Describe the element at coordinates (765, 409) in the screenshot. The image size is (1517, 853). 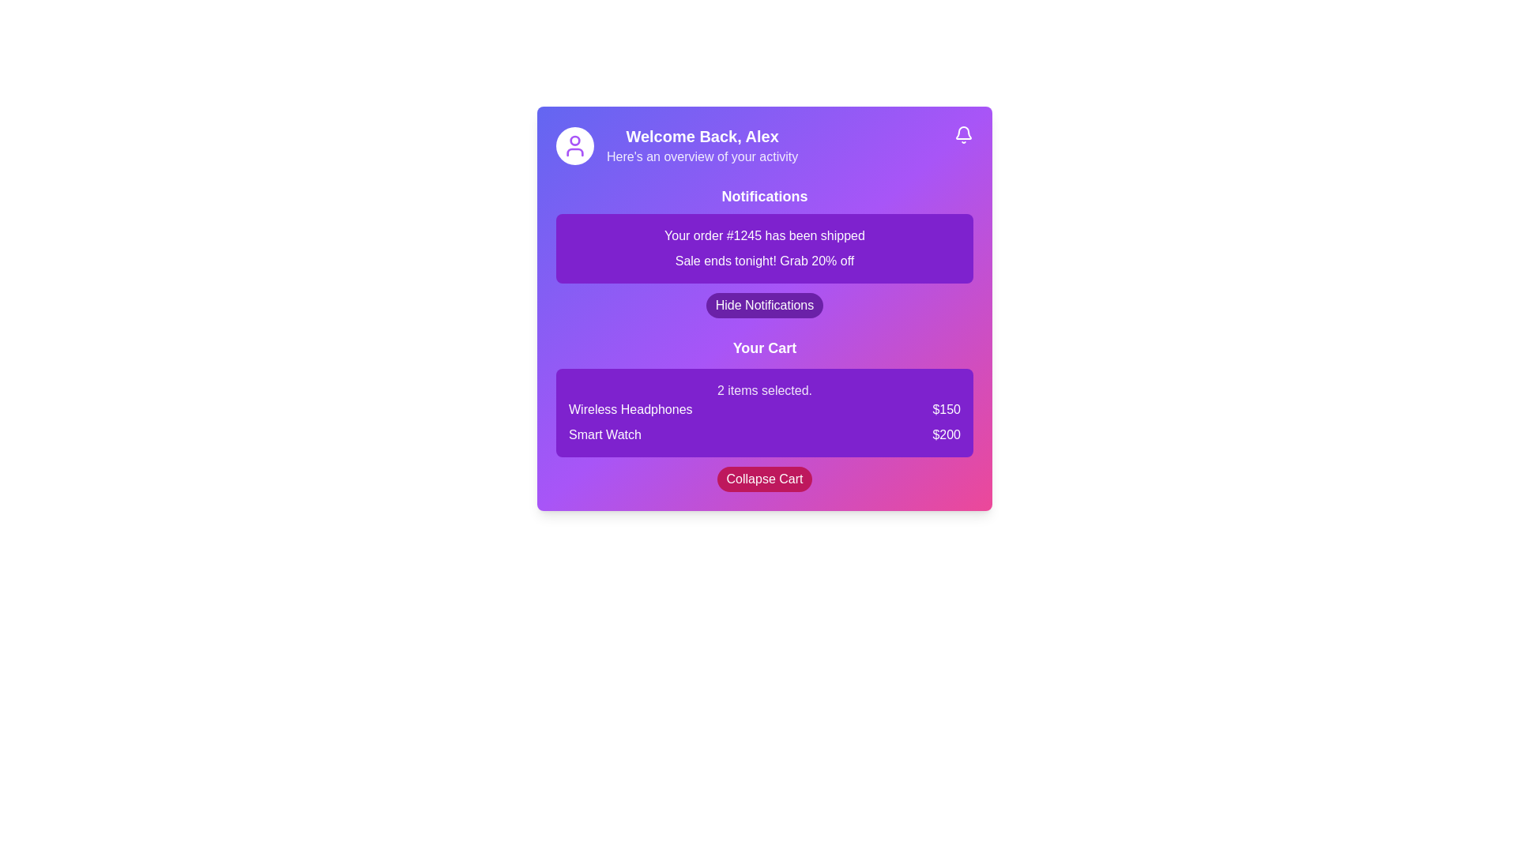
I see `the first item in the shopping cart list displaying the product name and price, which is located above the 'Smart Watch $200' item` at that location.